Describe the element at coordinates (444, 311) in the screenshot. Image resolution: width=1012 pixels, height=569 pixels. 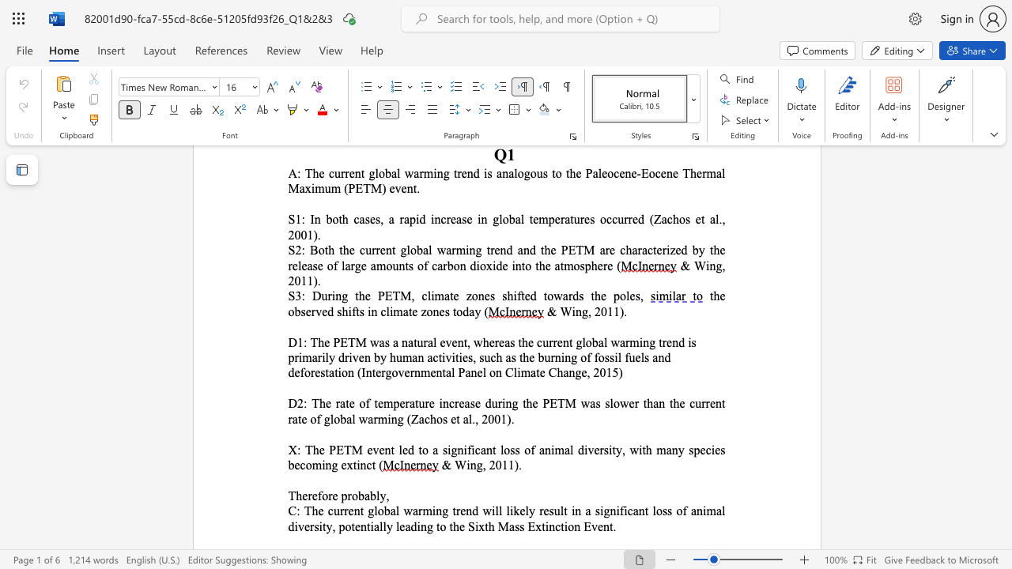
I see `the subset text "s today (" within the text "the observed shifts in climate zones today ("` at that location.